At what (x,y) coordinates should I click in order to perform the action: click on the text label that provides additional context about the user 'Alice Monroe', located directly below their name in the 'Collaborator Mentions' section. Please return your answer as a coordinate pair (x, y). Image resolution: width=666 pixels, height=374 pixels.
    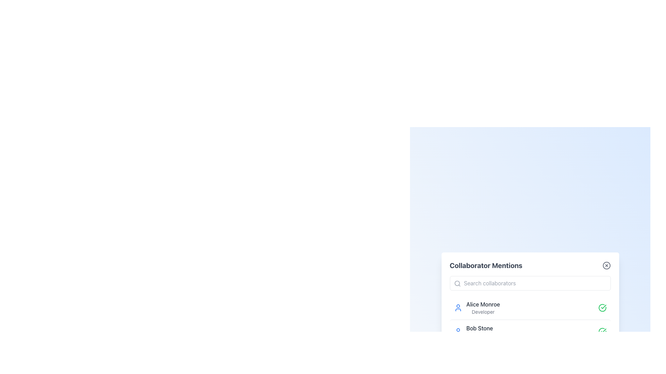
    Looking at the image, I should click on (483, 312).